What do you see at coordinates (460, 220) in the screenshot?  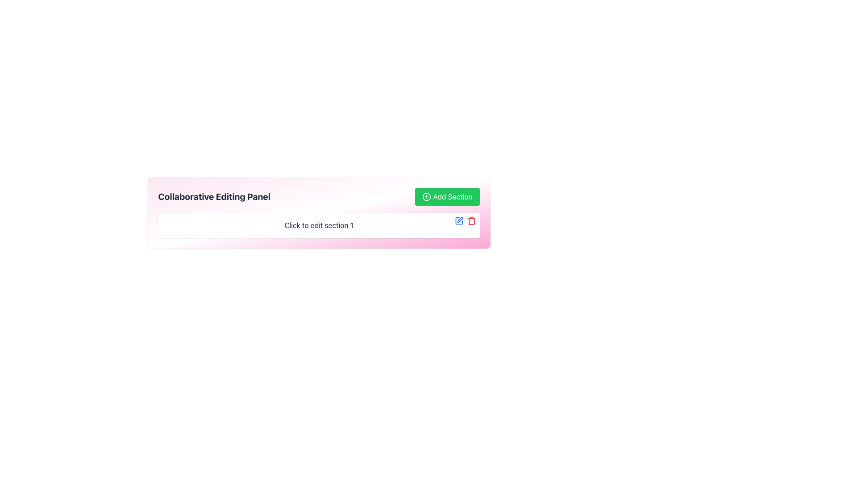 I see `the 'Edit' icon button located at the right edge of the input field labeled 'Click` at bounding box center [460, 220].